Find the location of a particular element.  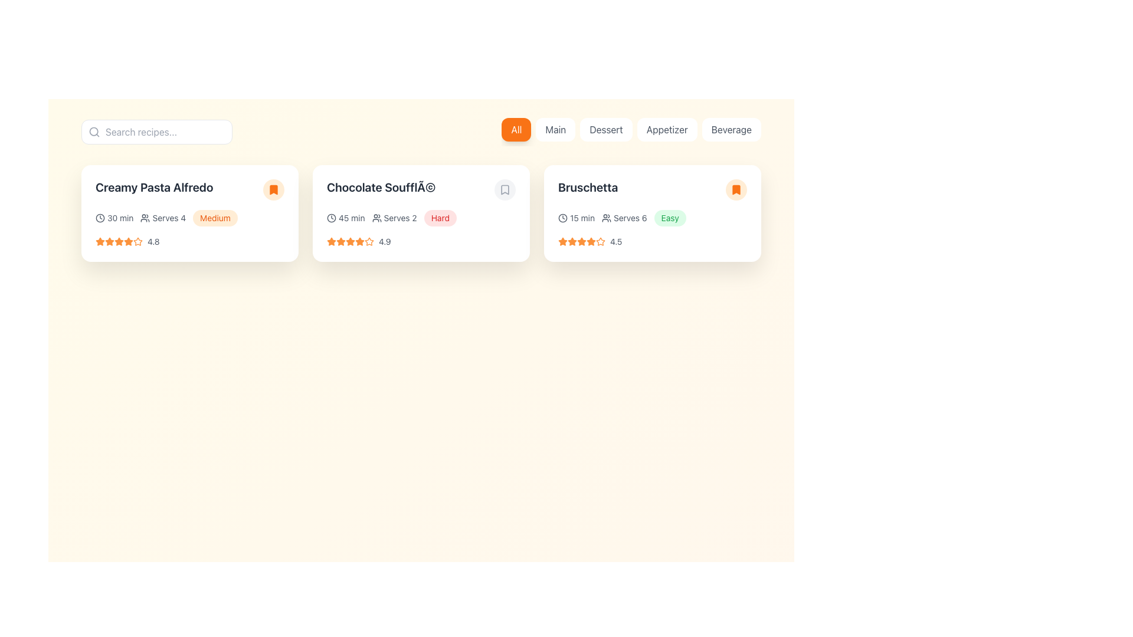

the sixth star-shaped icon with an orange fill in the second card labeled 'Chocolate Soufflé', which is located beneath the rating of '4.9' is located at coordinates (359, 241).